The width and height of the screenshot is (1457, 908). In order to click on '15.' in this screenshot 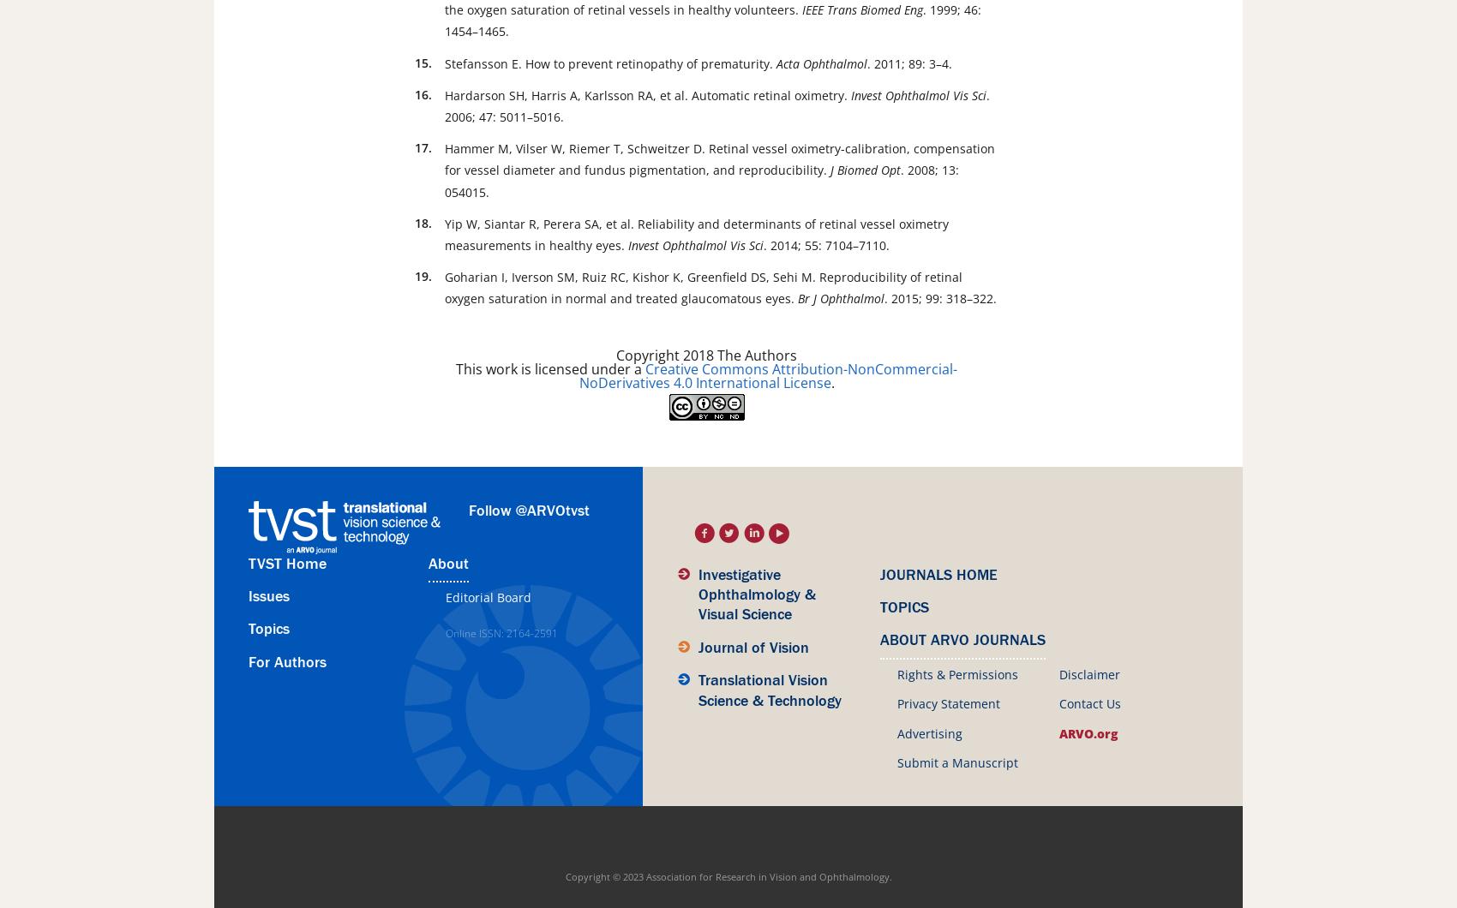, I will do `click(423, 62)`.